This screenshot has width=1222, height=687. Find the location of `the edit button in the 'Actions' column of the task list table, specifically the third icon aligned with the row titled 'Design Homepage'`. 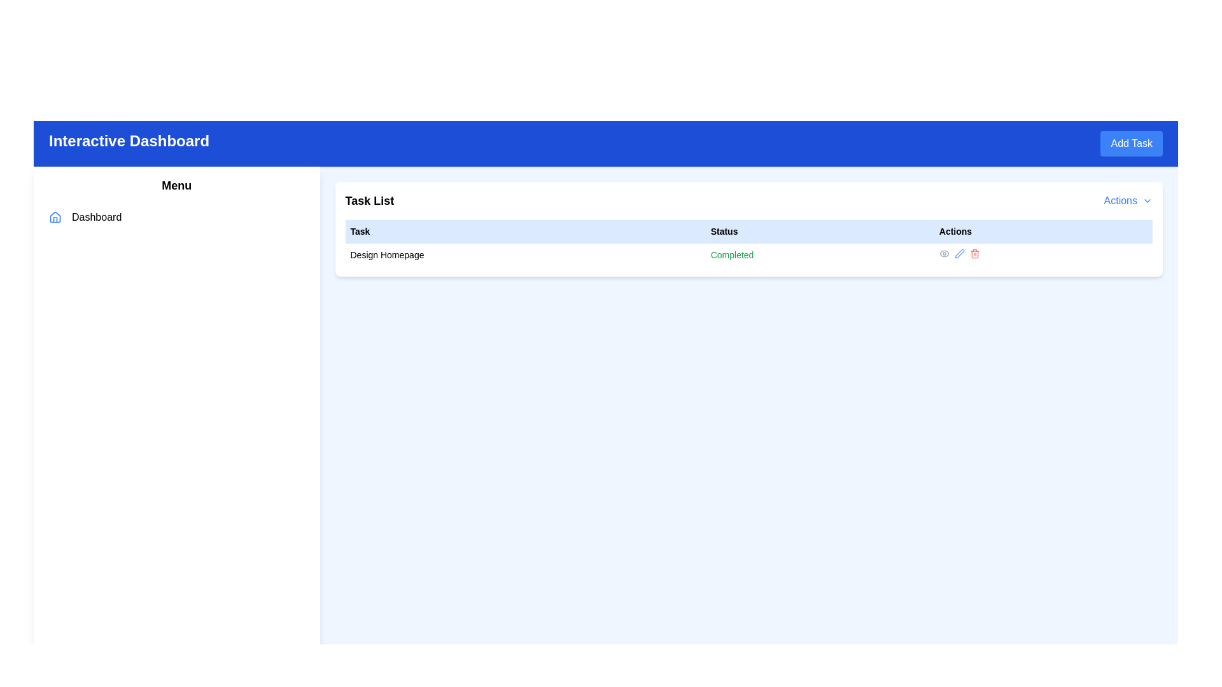

the edit button in the 'Actions' column of the task list table, specifically the third icon aligned with the row titled 'Design Homepage' is located at coordinates (959, 253).